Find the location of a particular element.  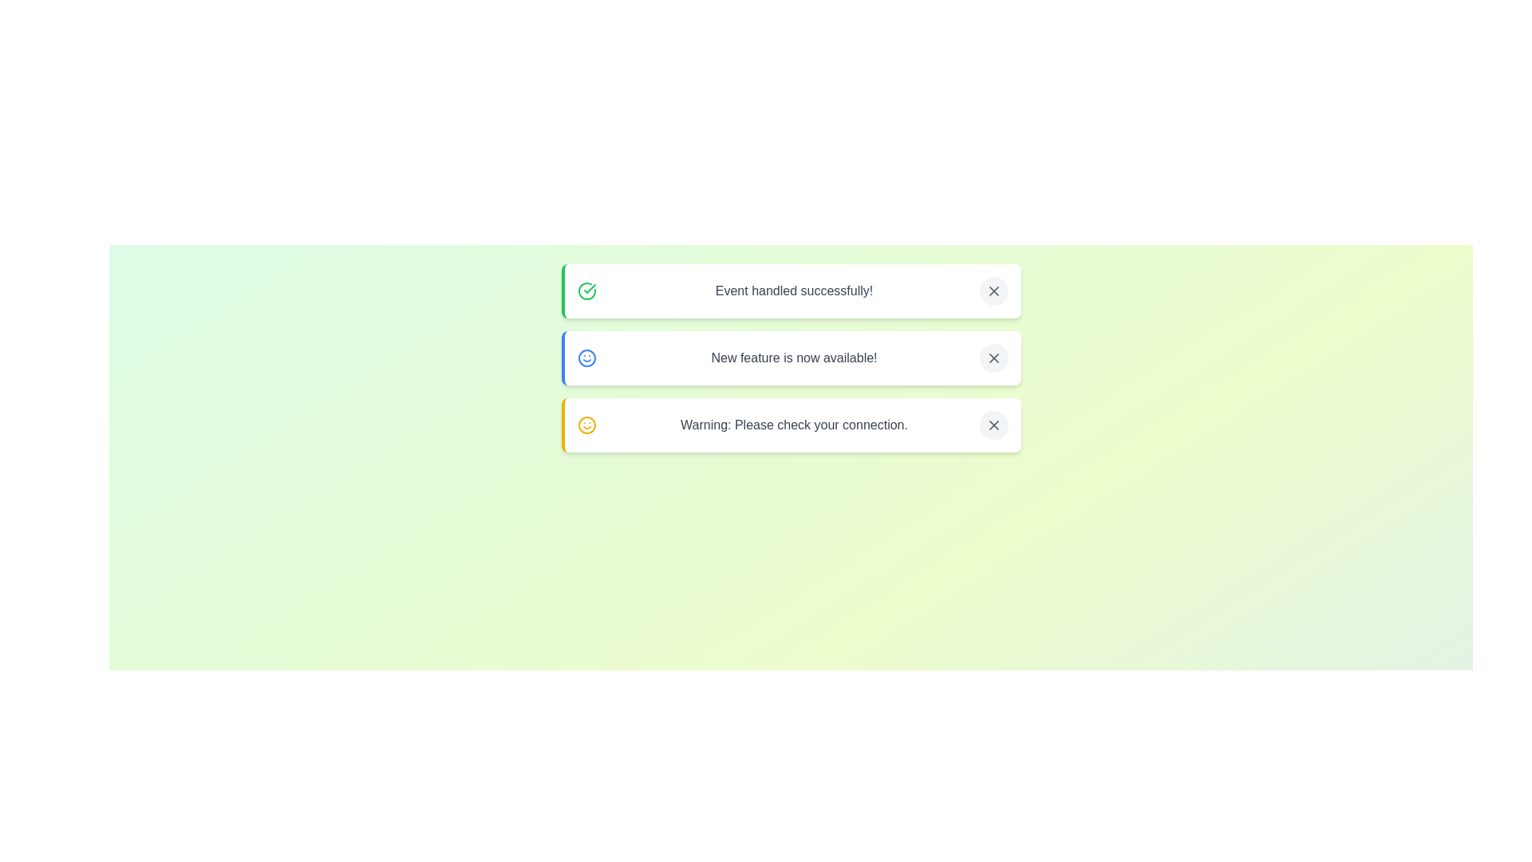

the warning icon located in the bottommost notification panel, aligned to the left side of the text 'Warning: Please check your connection.' is located at coordinates (586, 424).